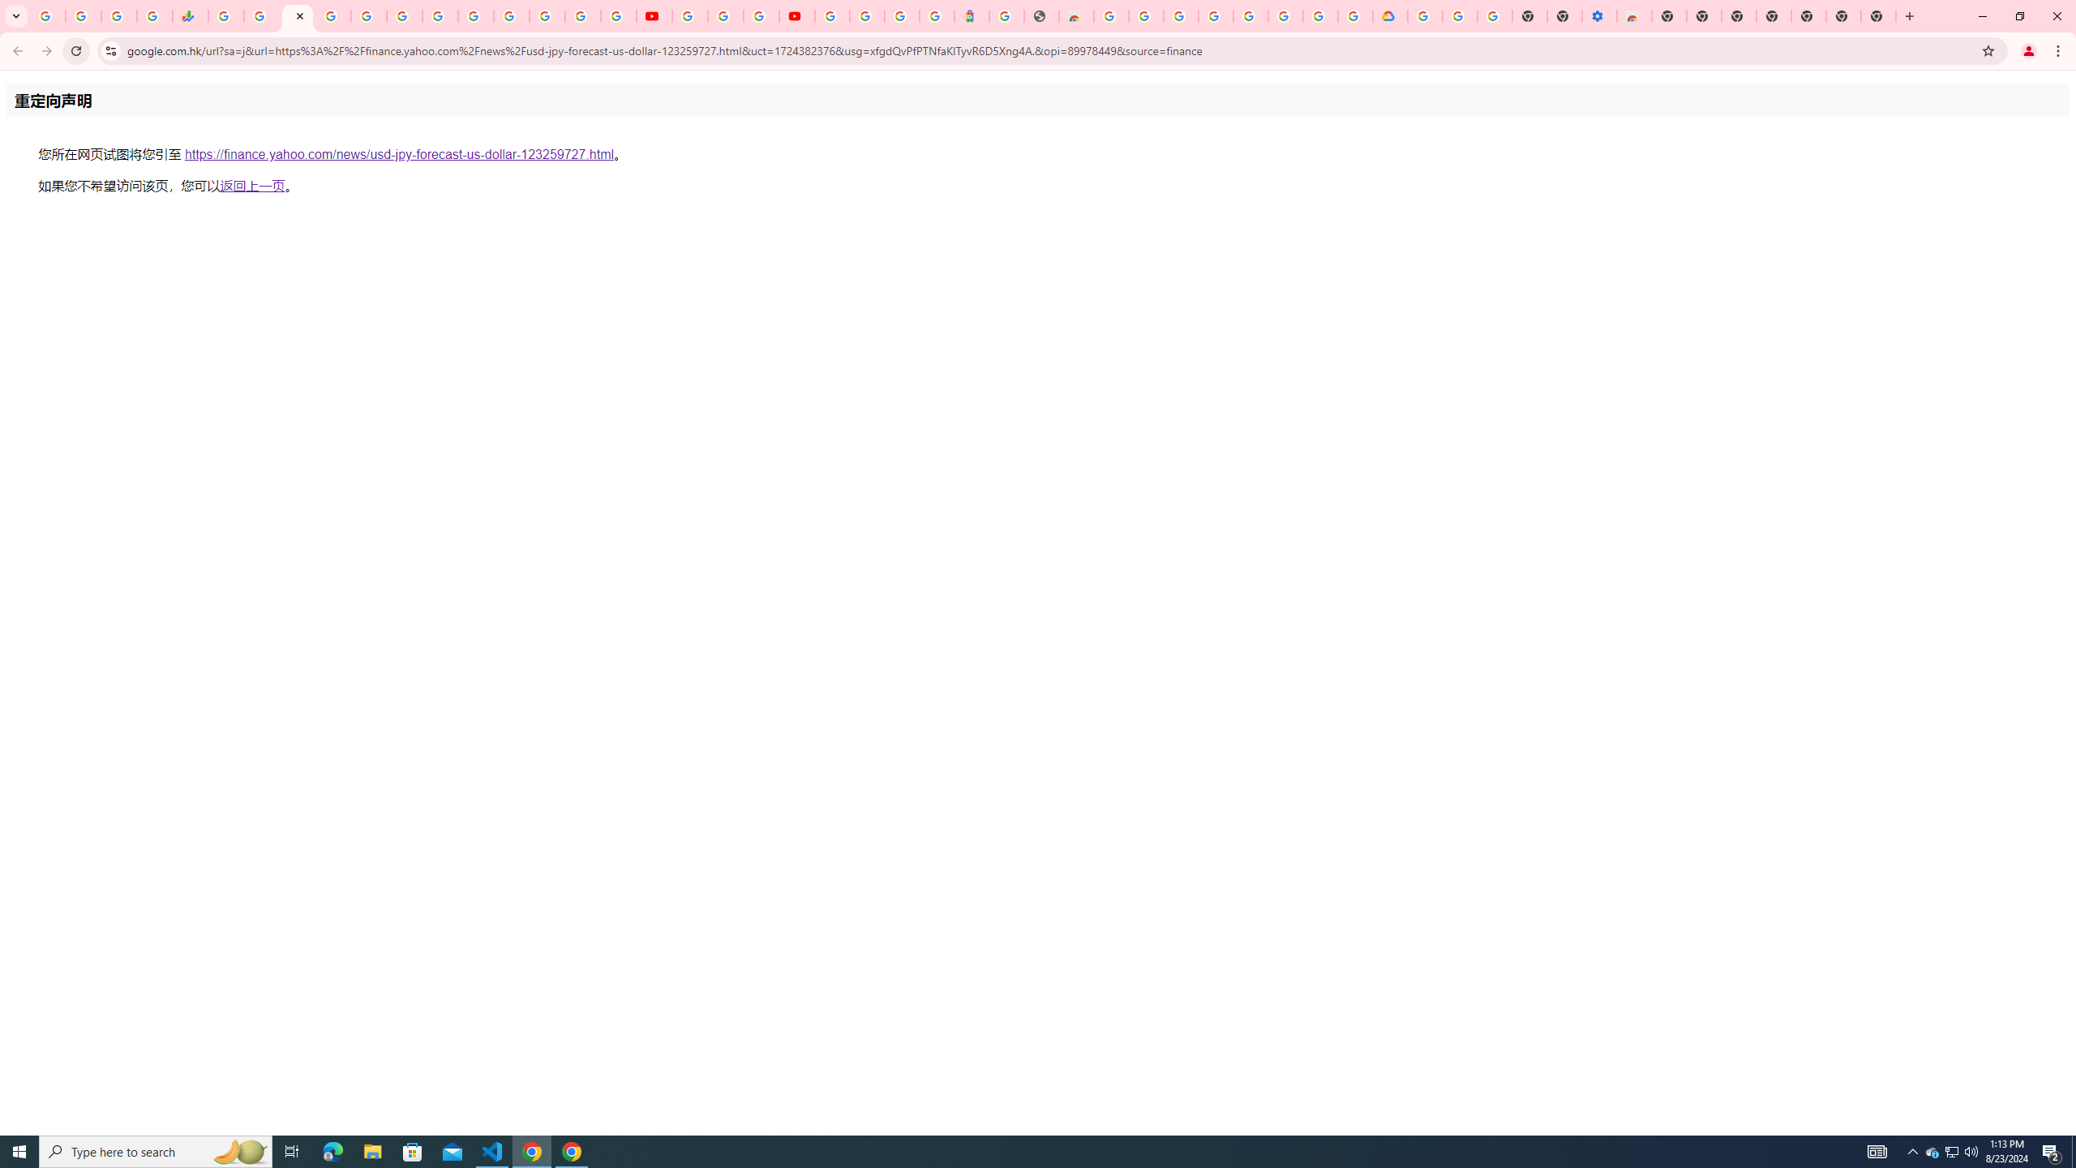  I want to click on 'Turn cookies on or off - Computer - Google Account Help', so click(1494, 15).